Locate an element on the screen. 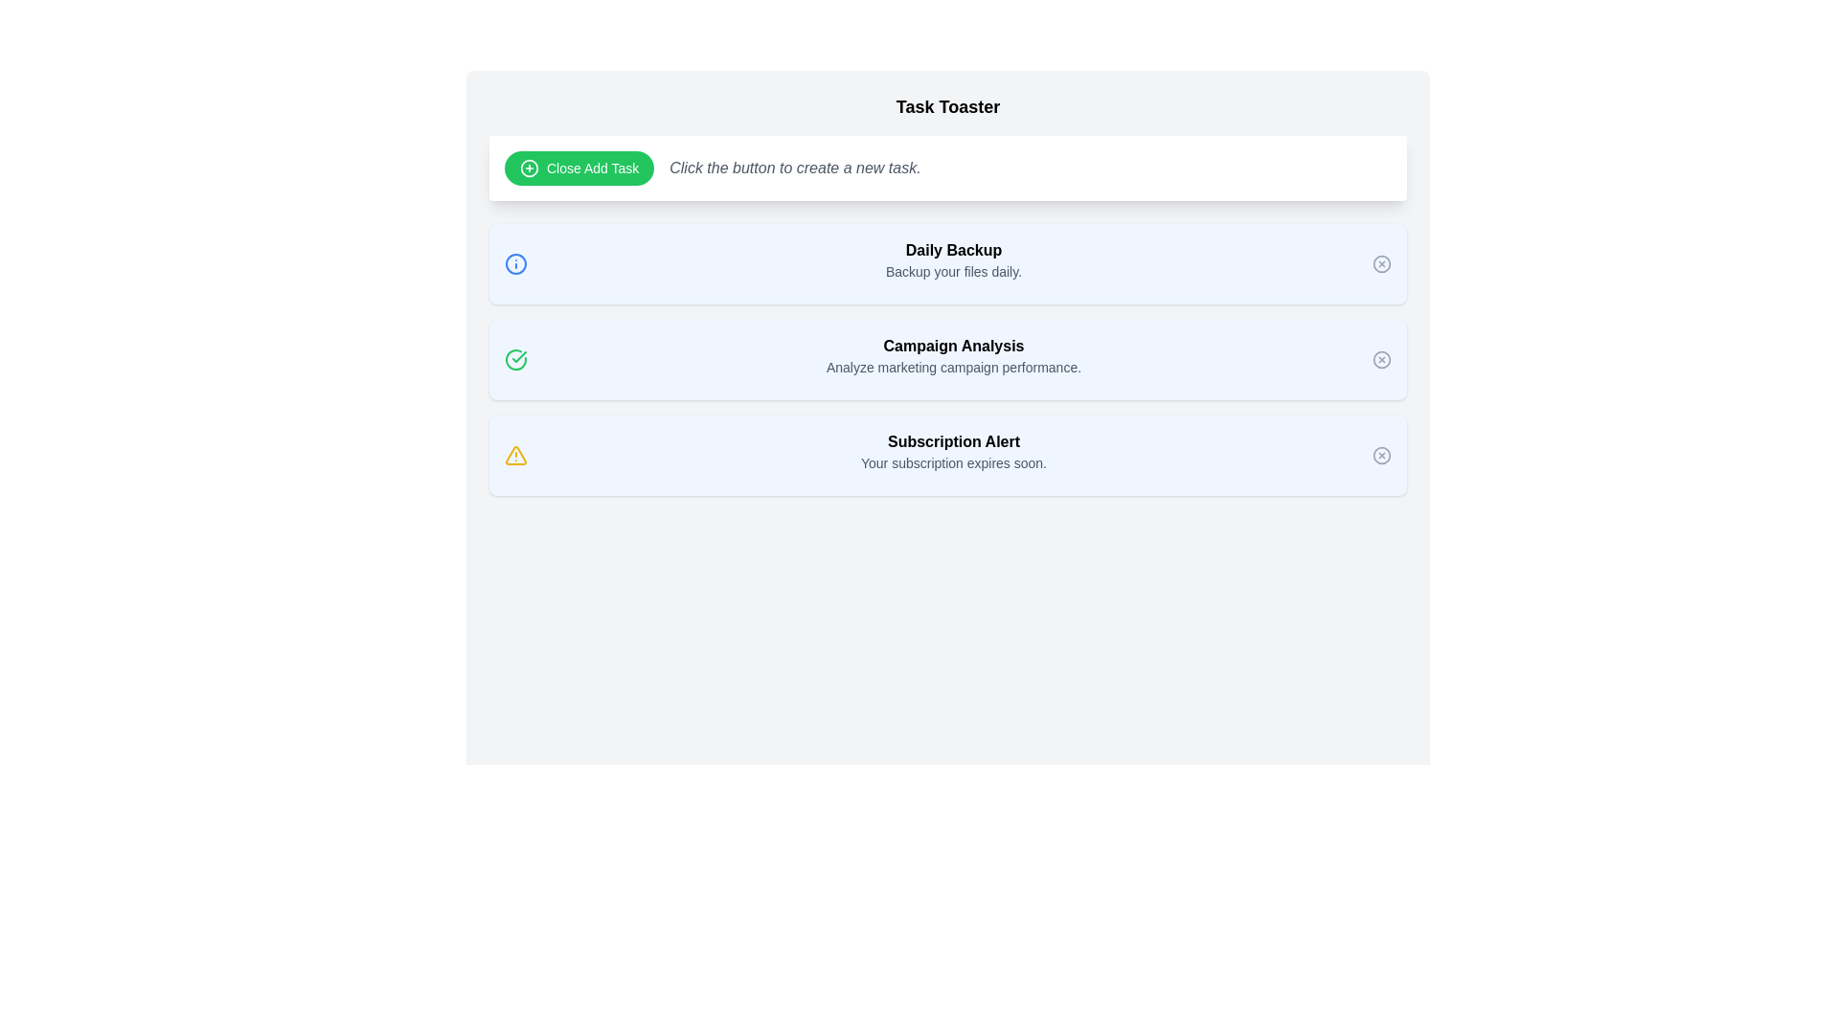  blue circular icon in the first row labeled 'Daily Backup' by clicking on its center is located at coordinates (515, 264).